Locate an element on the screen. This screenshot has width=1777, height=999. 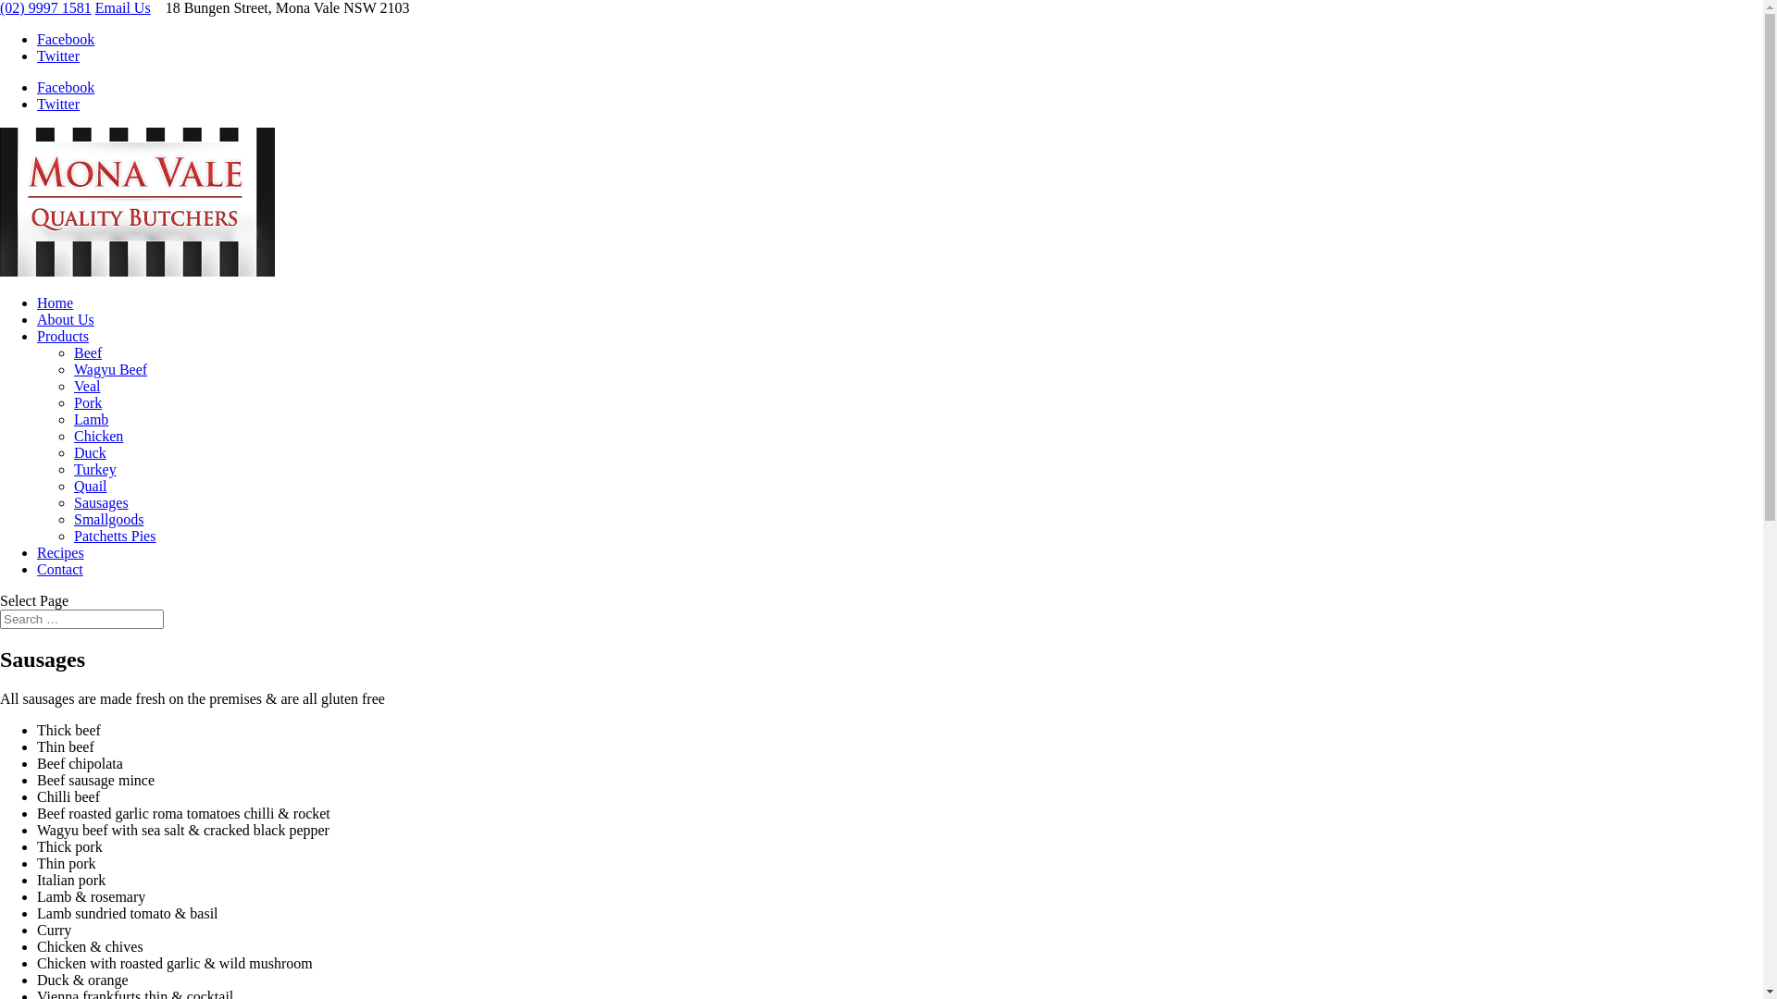
'Patchetts Pies' is located at coordinates (114, 536).